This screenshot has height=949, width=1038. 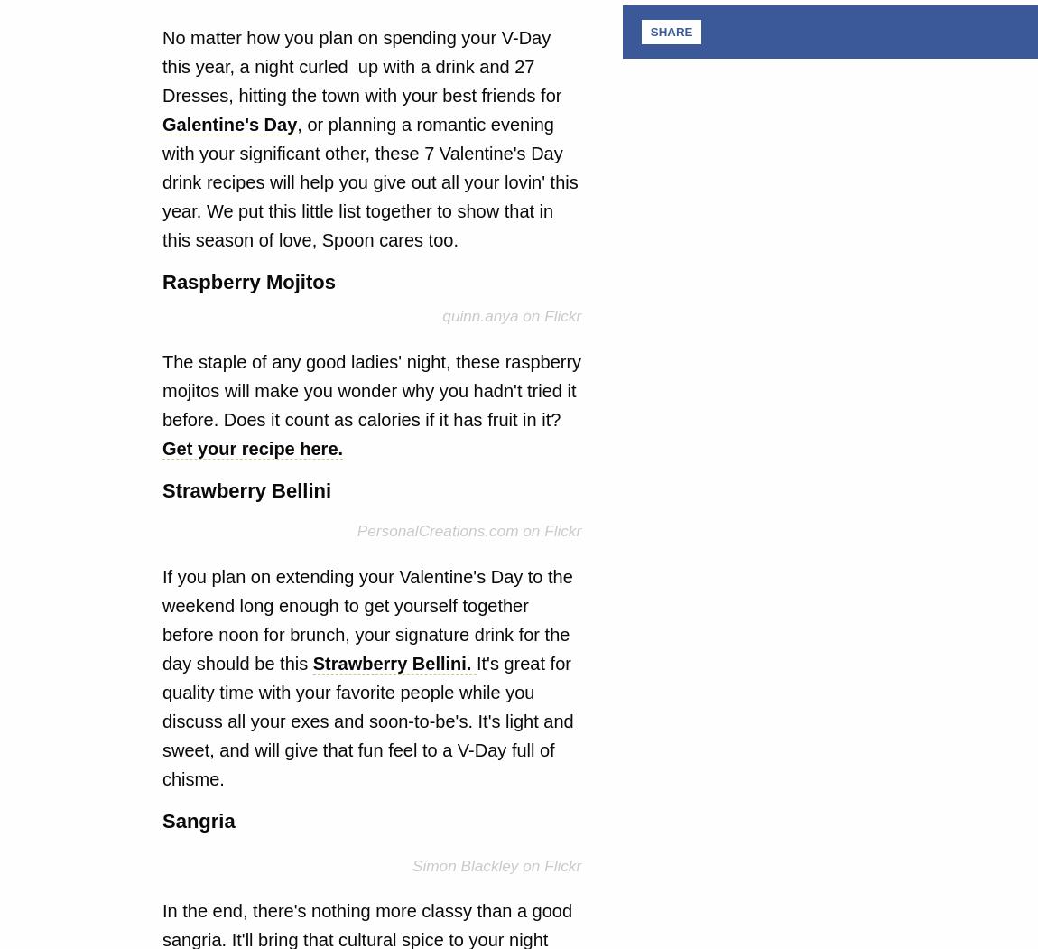 What do you see at coordinates (362, 65) in the screenshot?
I see `'No matter how you plan on spending your V-Day this year, a night curled  up with a drink and 27 Dresses, hitting the town with your best friends for'` at bounding box center [362, 65].